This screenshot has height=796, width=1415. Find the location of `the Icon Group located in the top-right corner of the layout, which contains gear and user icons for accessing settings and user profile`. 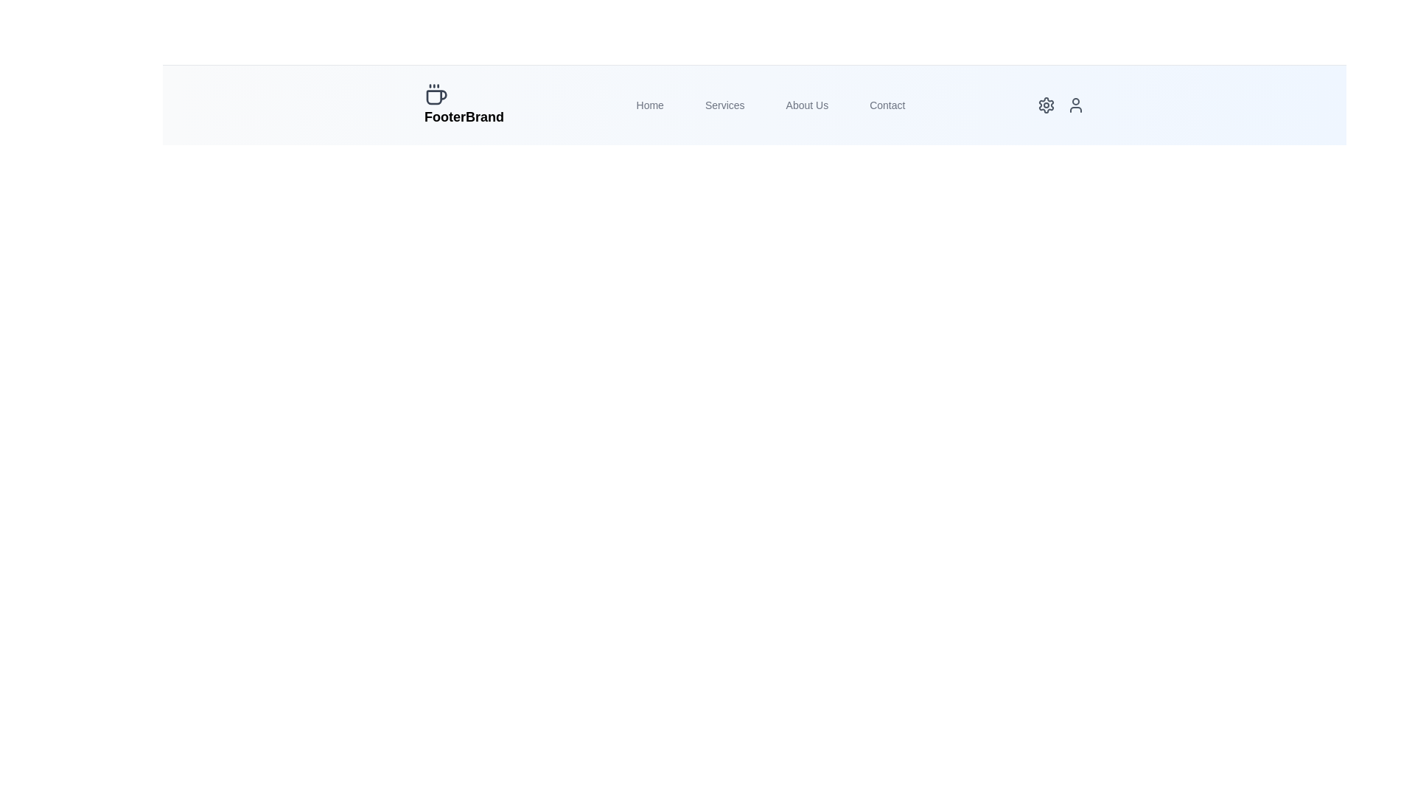

the Icon Group located in the top-right corner of the layout, which contains gear and user icons for accessing settings and user profile is located at coordinates (1061, 104).